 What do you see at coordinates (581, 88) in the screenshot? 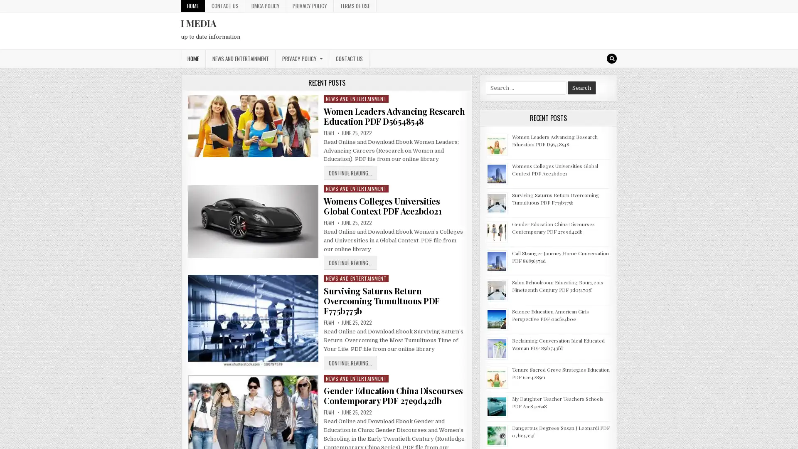
I see `Search` at bounding box center [581, 88].